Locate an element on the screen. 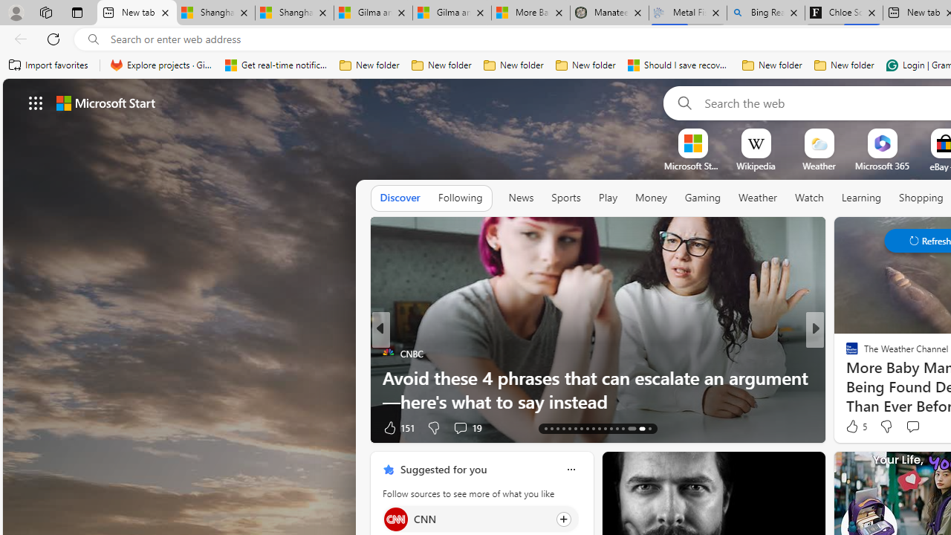 Image resolution: width=951 pixels, height=535 pixels. 'Watch' is located at coordinates (808, 197).